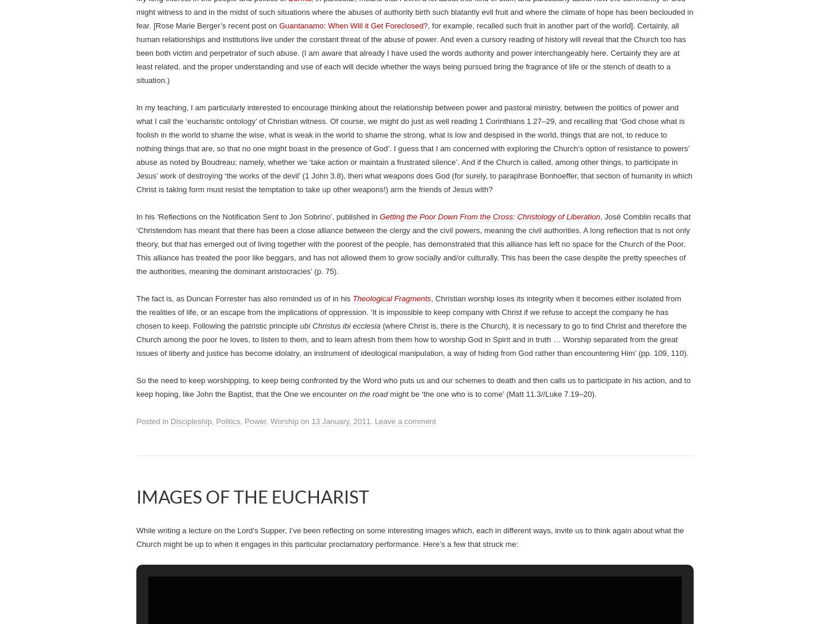 Image resolution: width=830 pixels, height=624 pixels. Describe the element at coordinates (448, 194) in the screenshot. I see `'Prayer'` at that location.